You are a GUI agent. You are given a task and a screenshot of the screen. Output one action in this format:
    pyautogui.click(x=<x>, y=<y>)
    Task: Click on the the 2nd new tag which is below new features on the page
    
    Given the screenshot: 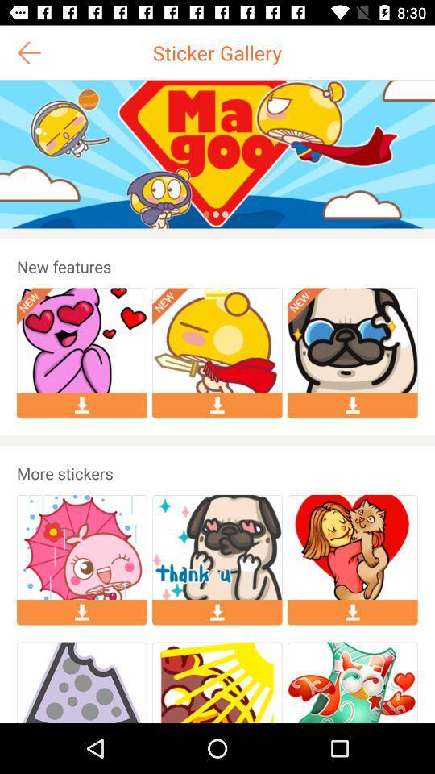 What is the action you would take?
    pyautogui.click(x=170, y=306)
    